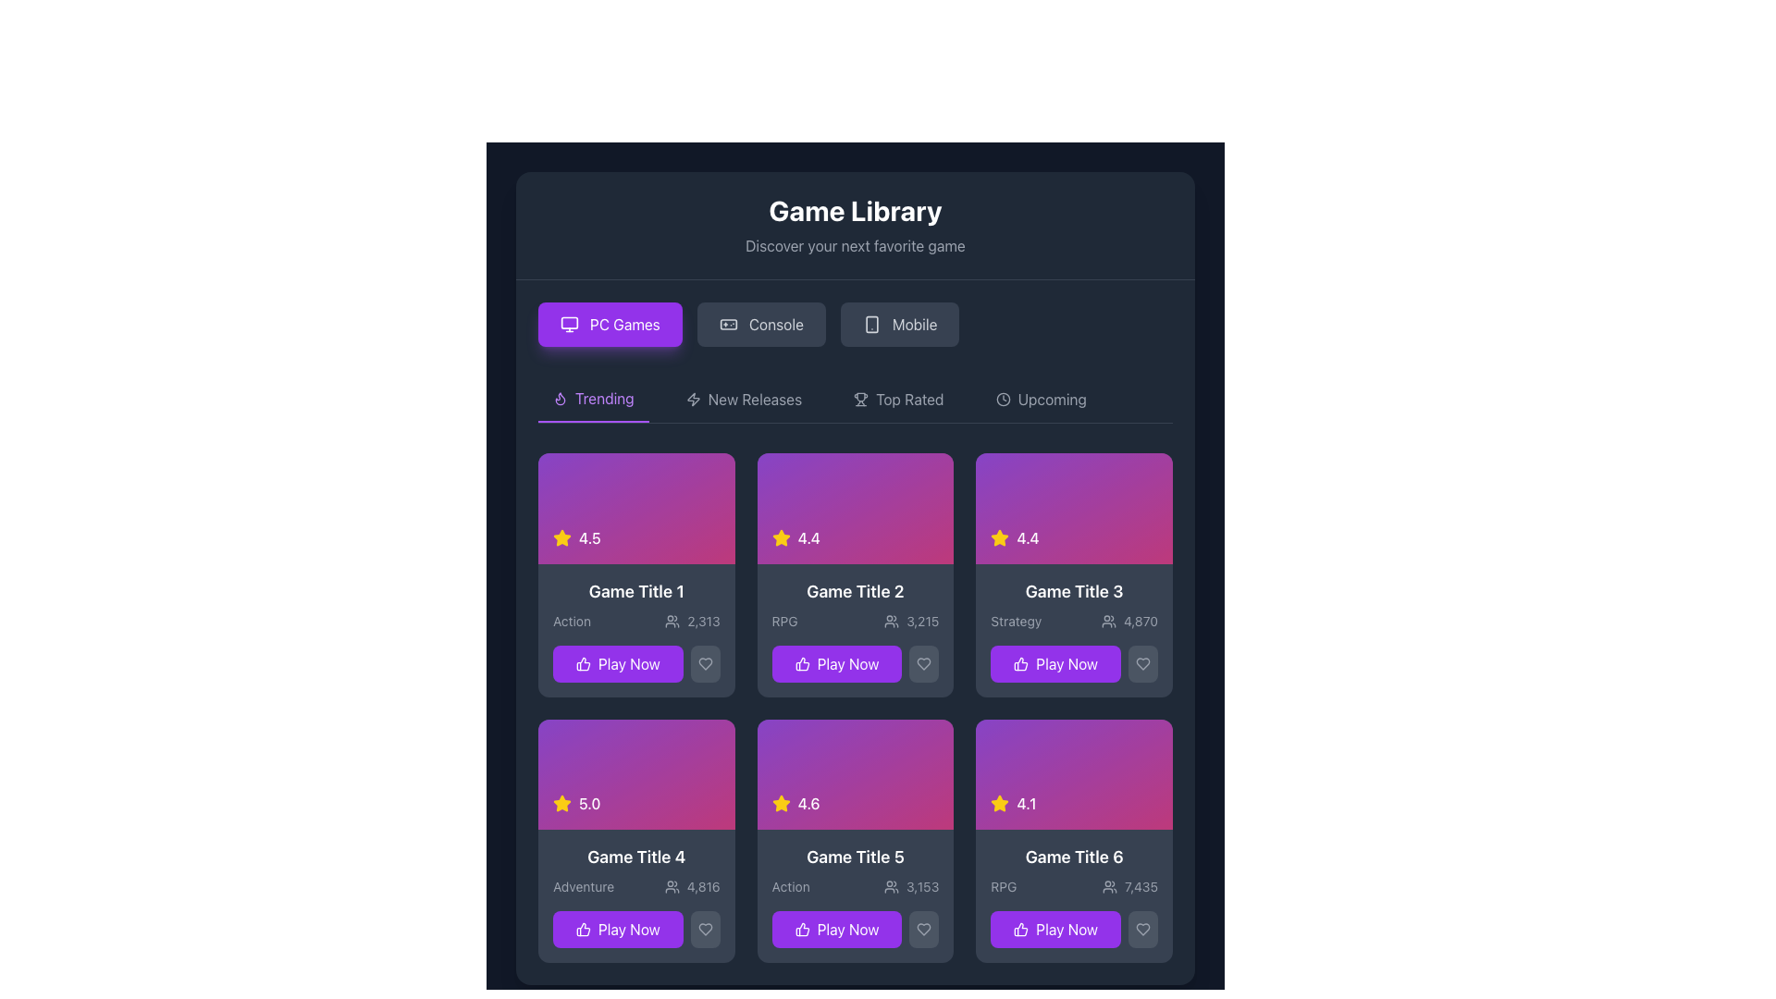  I want to click on the static text displaying '4.1' in white, which is part of the rating system for 'Game Title 6', located at the bottom-left of the card with a dark purple theme, so click(1025, 803).